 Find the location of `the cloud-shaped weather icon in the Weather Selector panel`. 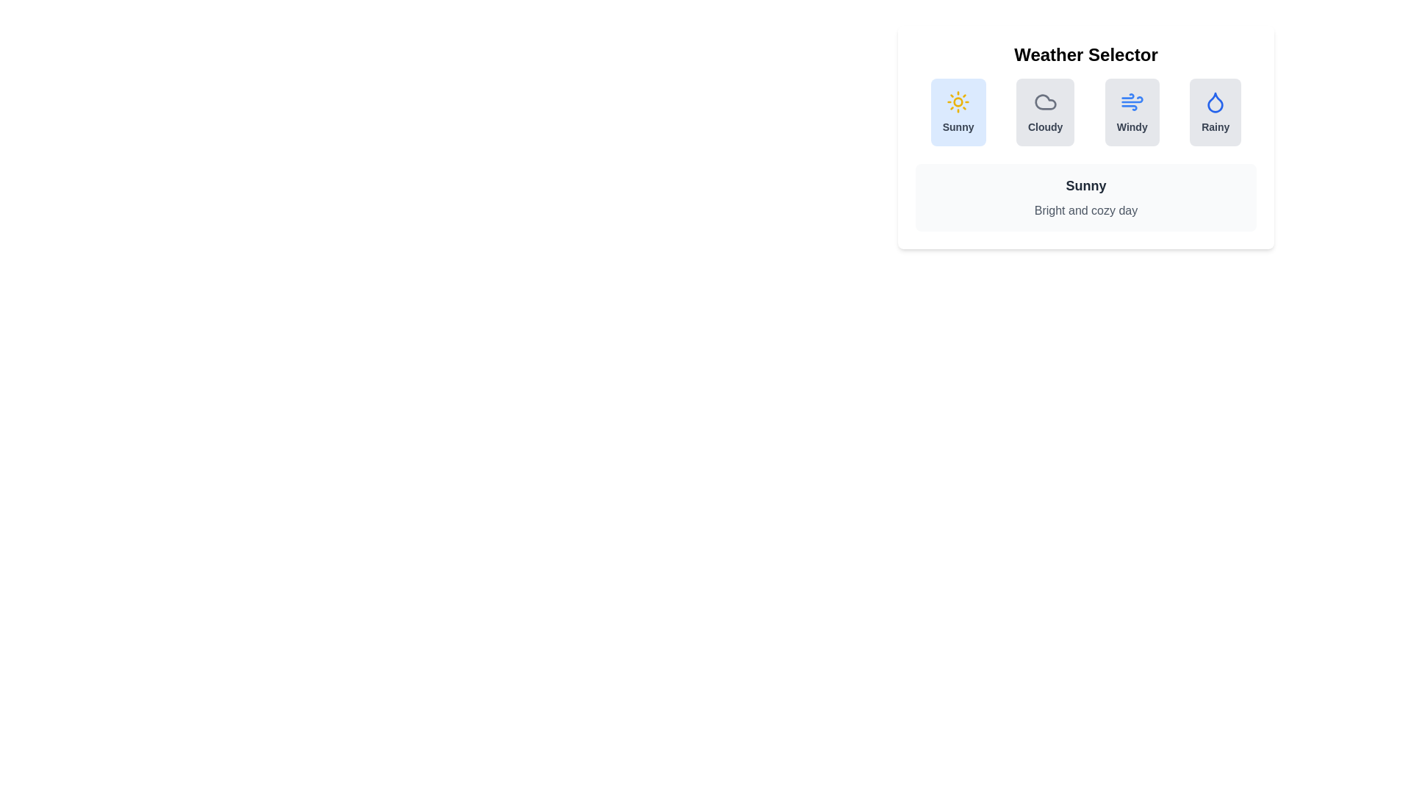

the cloud-shaped weather icon in the Weather Selector panel is located at coordinates (1044, 101).